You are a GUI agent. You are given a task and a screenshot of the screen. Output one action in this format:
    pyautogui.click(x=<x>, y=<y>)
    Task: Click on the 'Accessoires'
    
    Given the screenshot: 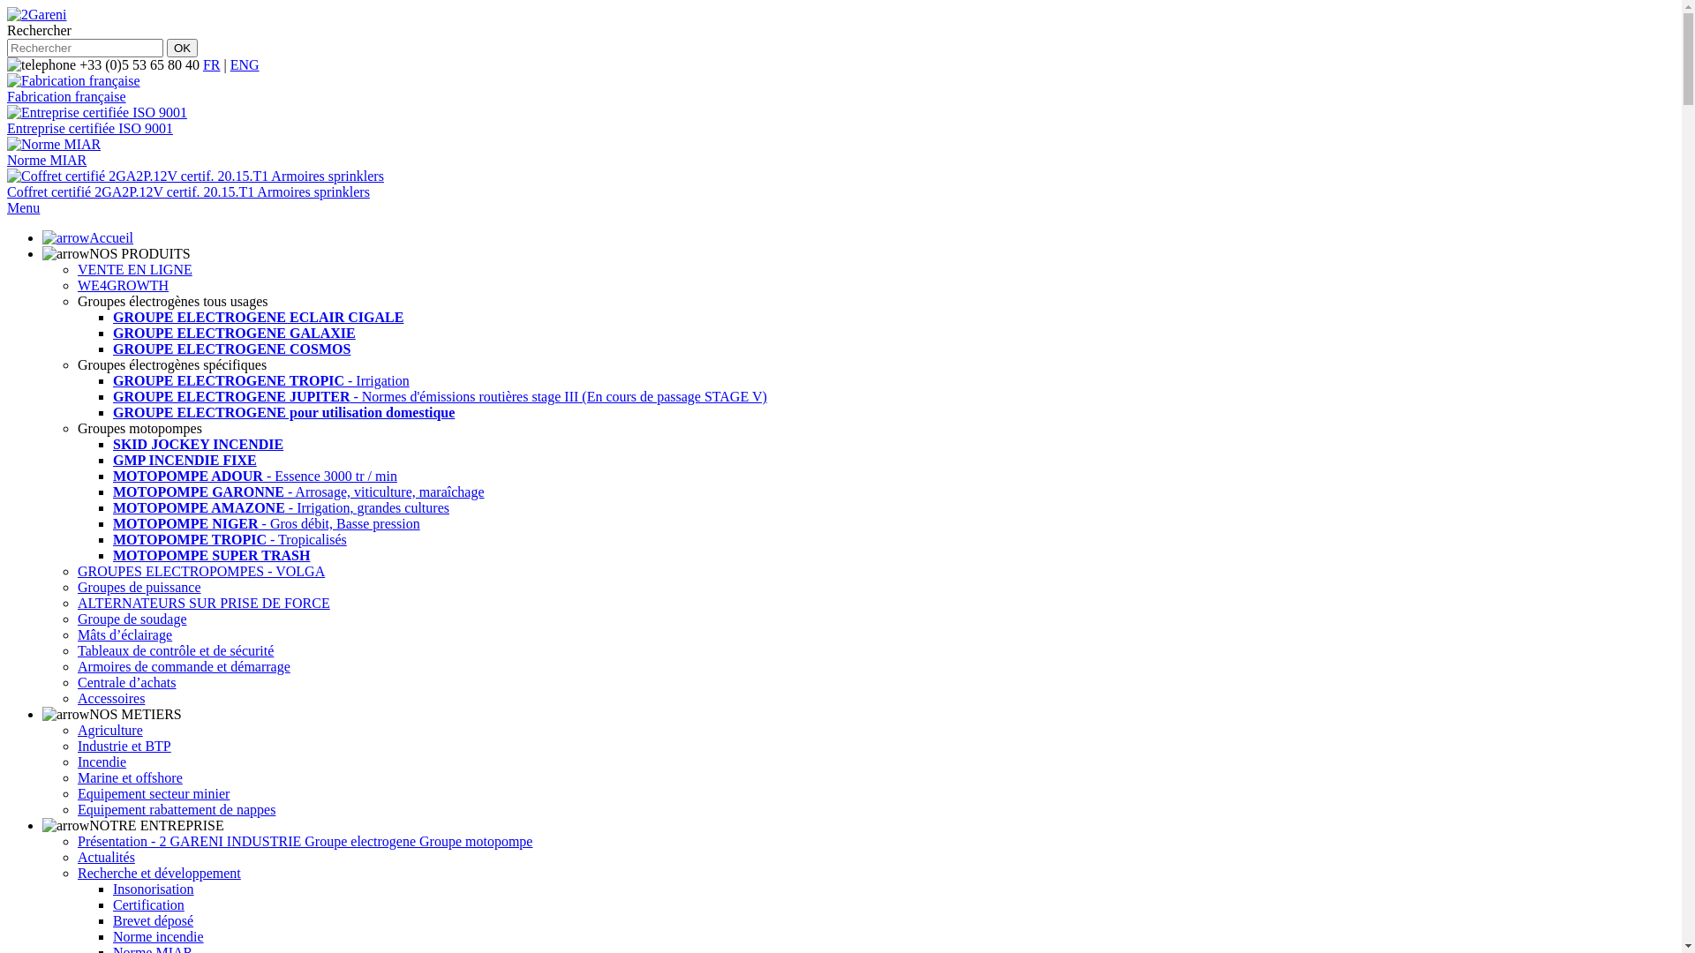 What is the action you would take?
    pyautogui.click(x=109, y=697)
    